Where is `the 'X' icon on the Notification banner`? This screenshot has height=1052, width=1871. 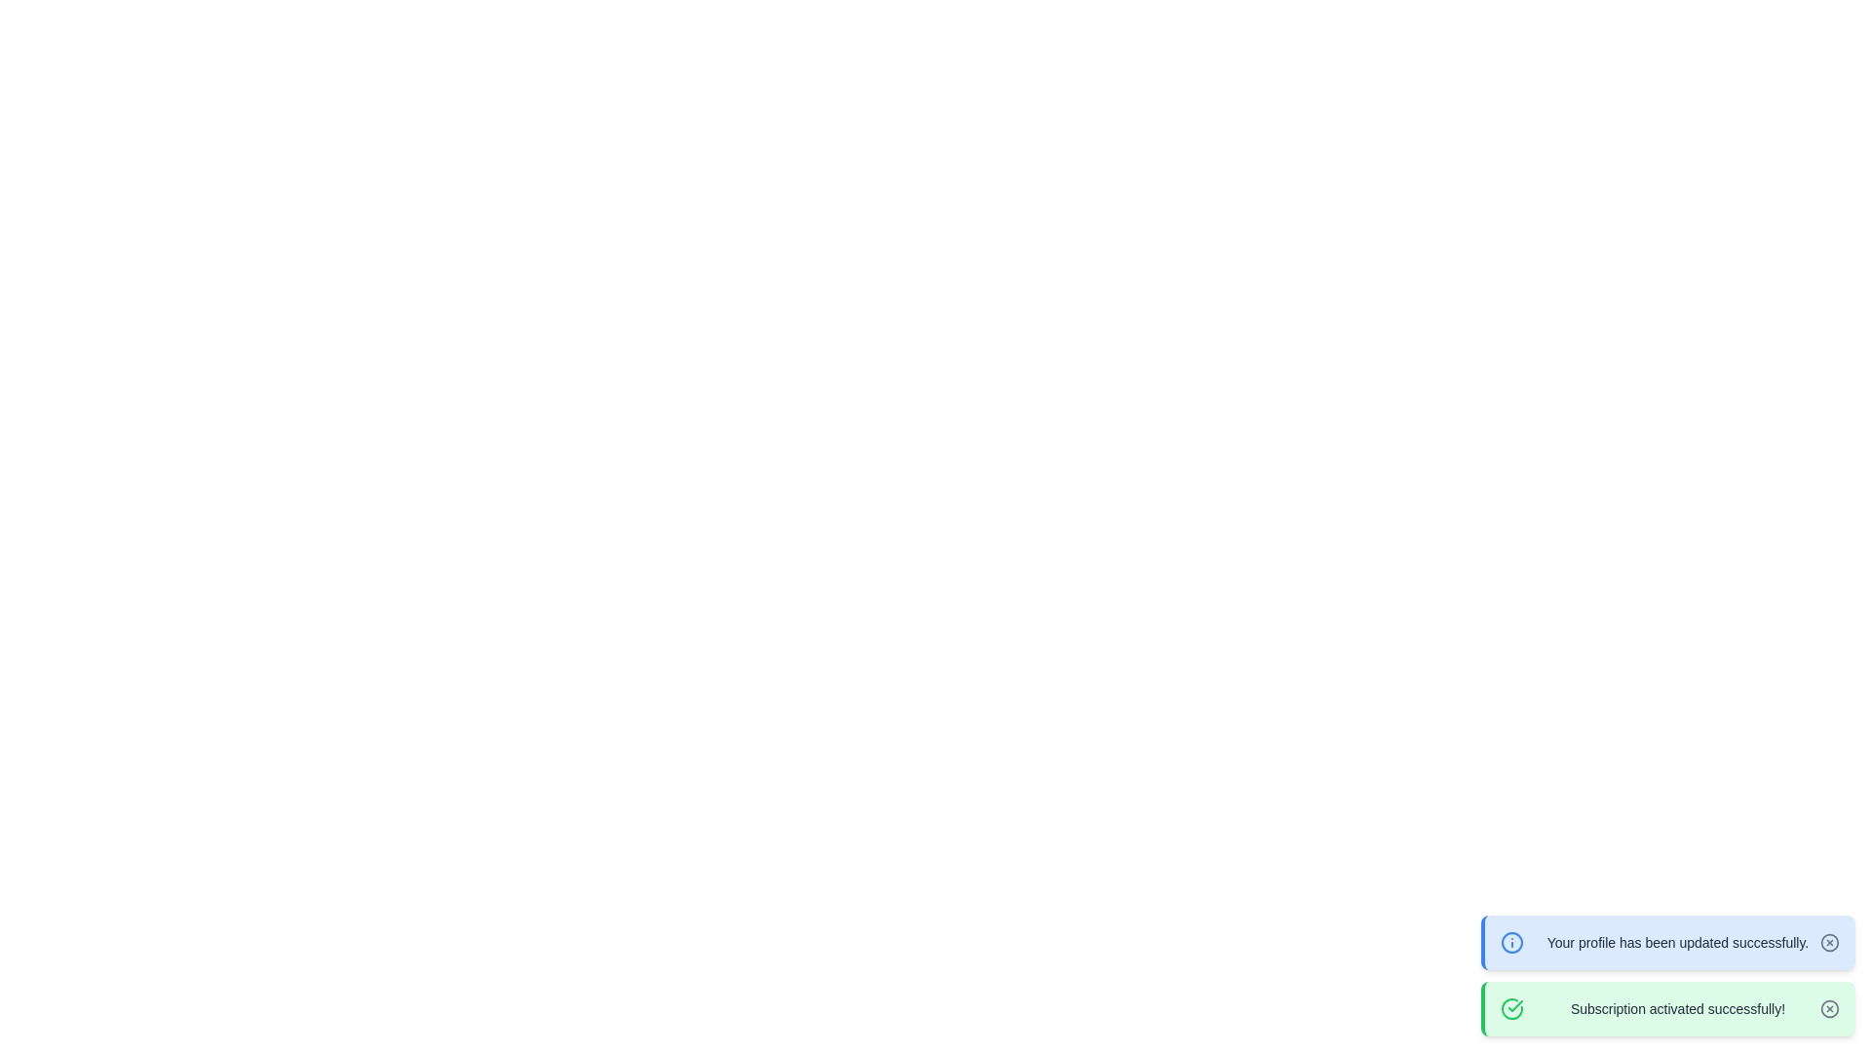
the 'X' icon on the Notification banner is located at coordinates (1667, 942).